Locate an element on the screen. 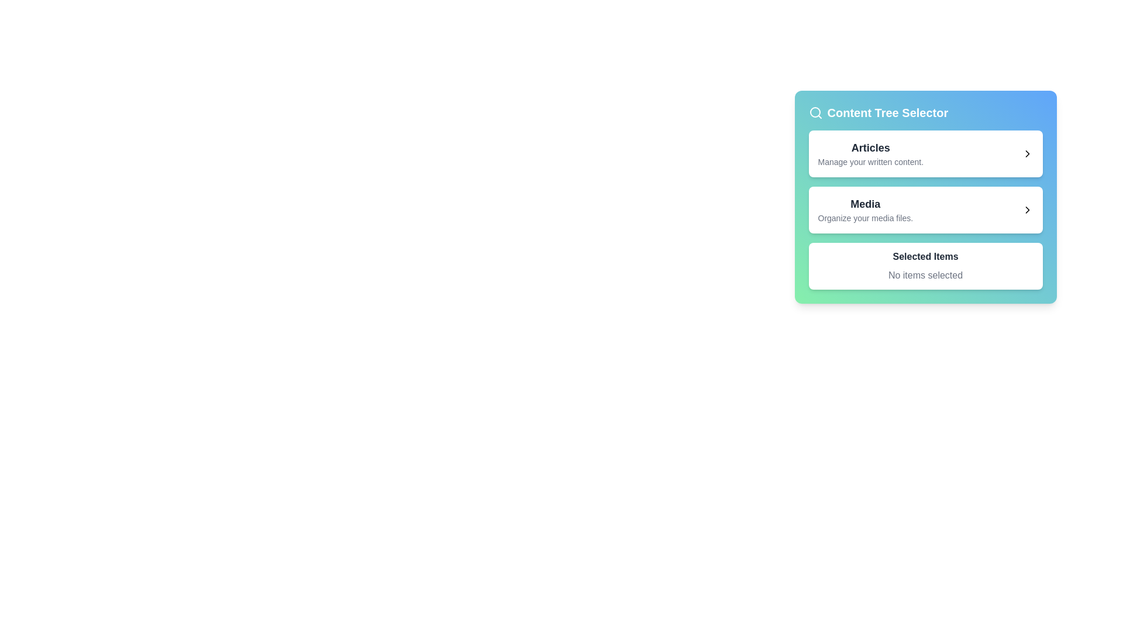 This screenshot has width=1123, height=632. the descriptive subtitle text label located beneath the 'Media' section, which serves as an explanation for that section is located at coordinates (865, 218).